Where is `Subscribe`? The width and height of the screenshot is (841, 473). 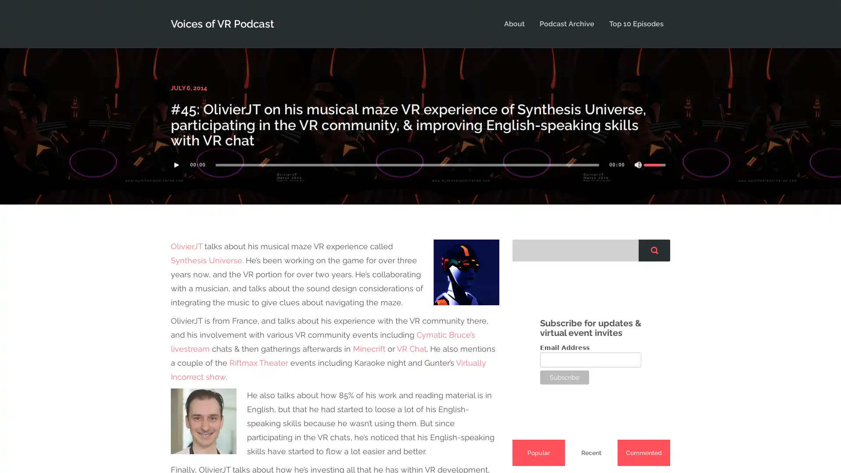
Subscribe is located at coordinates (565, 377).